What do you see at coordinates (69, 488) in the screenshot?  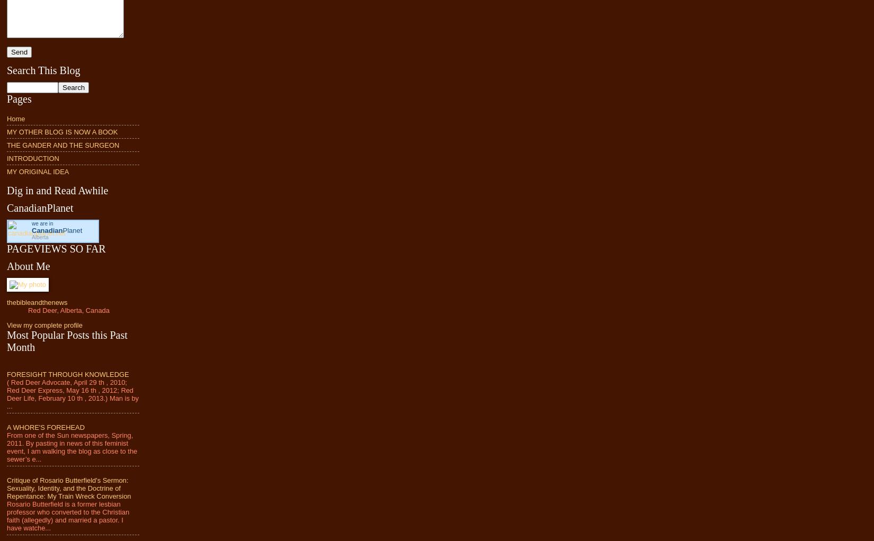 I see `'Critique of Rosario Butterfield's Sermon: Sexuality, Identity, and the Doctrine of Repentance: My Train Wreck Conversion'` at bounding box center [69, 488].